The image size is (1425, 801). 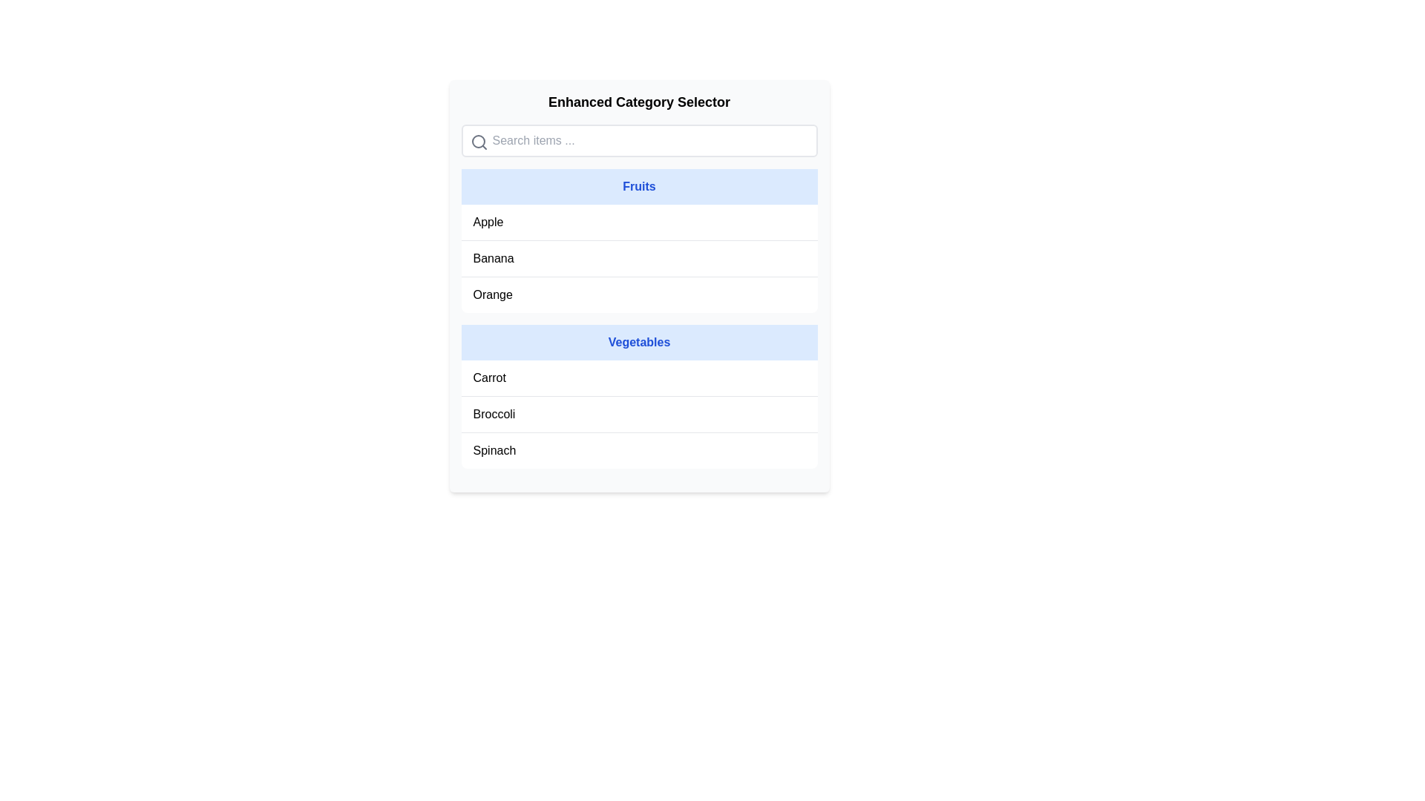 I want to click on the text label indicating the option 'Orange' in the Fruits list, which is positioned as the third item beneath 'Banana', so click(x=493, y=294).